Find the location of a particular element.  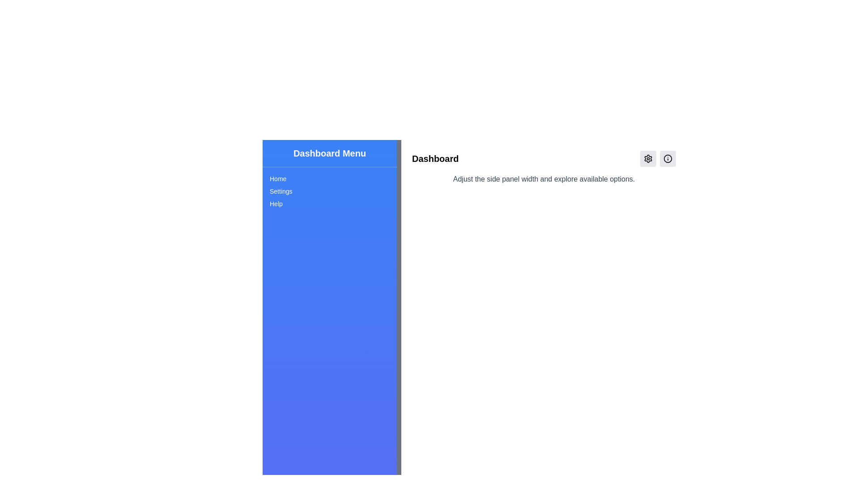

the header displaying the title of the sidebar menu is located at coordinates (329, 153).